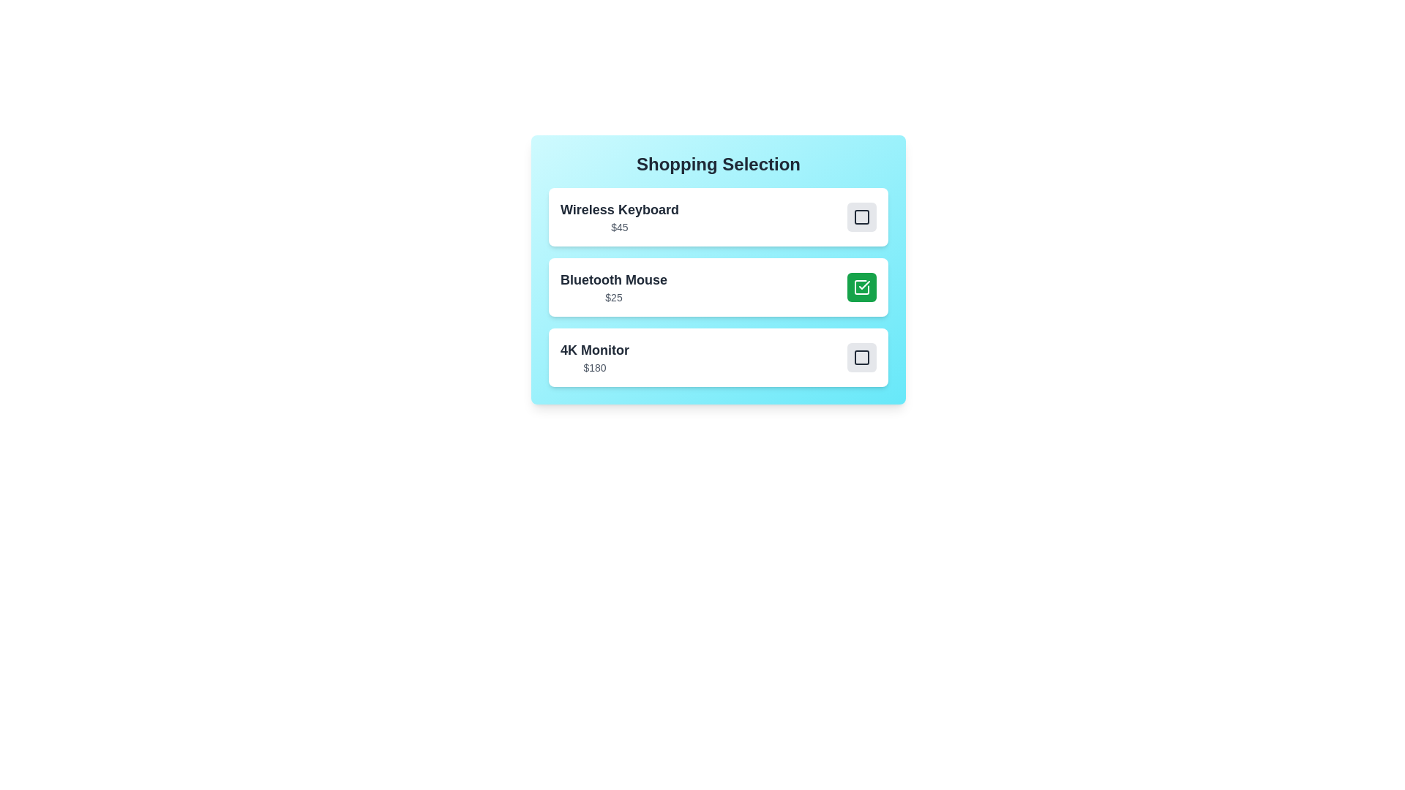  What do you see at coordinates (861, 217) in the screenshot?
I see `the Square icon or button associated with the 'Wireless Keyboard' item in the 'Shopping Selection' list` at bounding box center [861, 217].